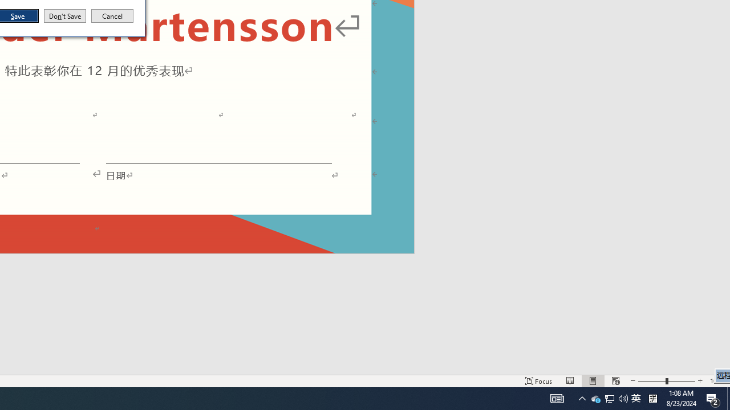 The height and width of the screenshot is (410, 730). I want to click on 'Show desktop', so click(728, 397).